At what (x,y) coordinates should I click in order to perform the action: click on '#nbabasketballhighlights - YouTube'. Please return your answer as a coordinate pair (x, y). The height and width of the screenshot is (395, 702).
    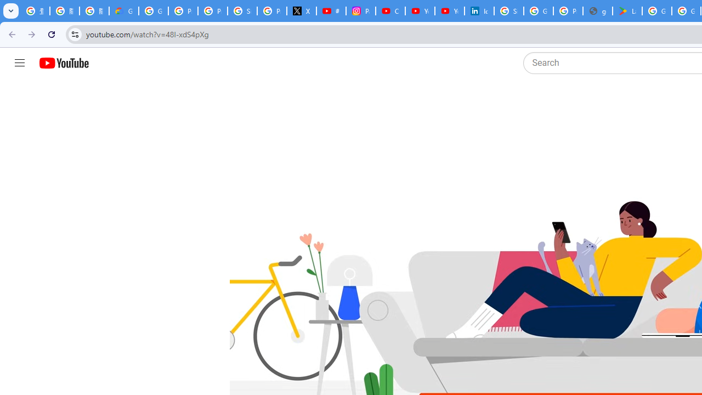
    Looking at the image, I should click on (331, 11).